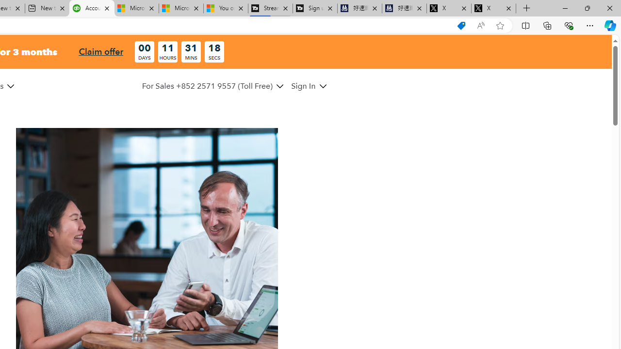  I want to click on 'Add this page to favorites (Ctrl+D)', so click(500, 25).